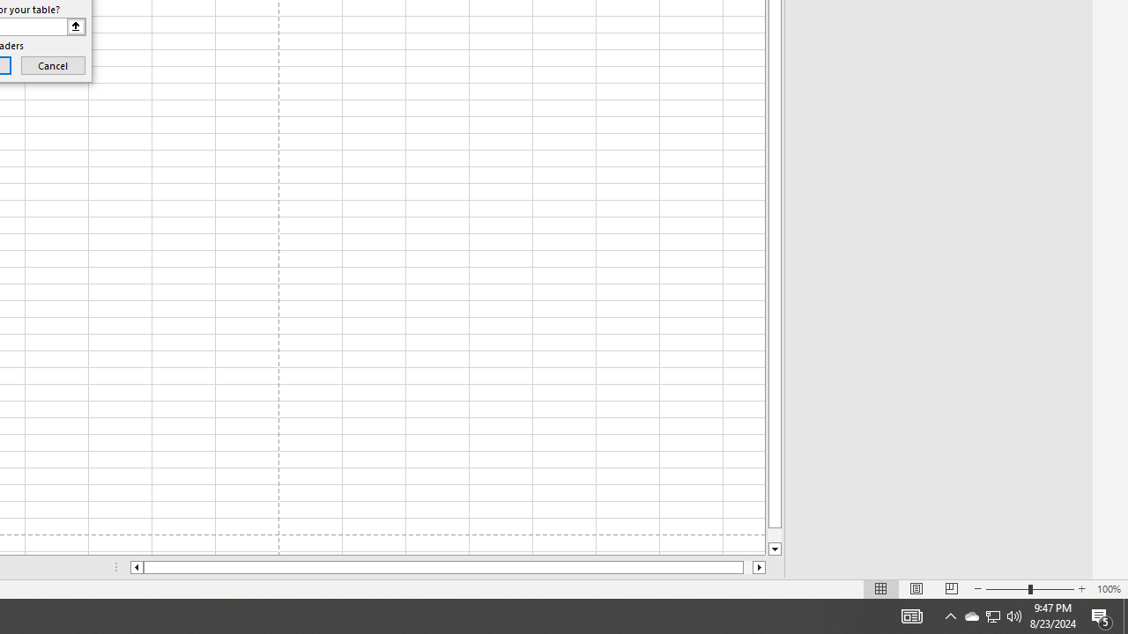 The width and height of the screenshot is (1128, 634). I want to click on 'Column right', so click(760, 567).